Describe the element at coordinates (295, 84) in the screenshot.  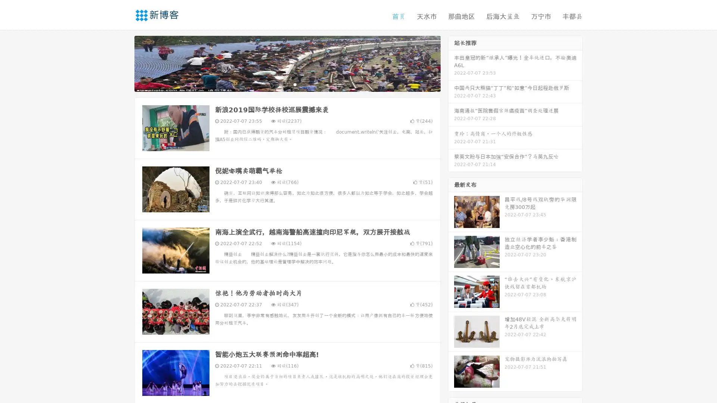
I see `Go to slide 3` at that location.